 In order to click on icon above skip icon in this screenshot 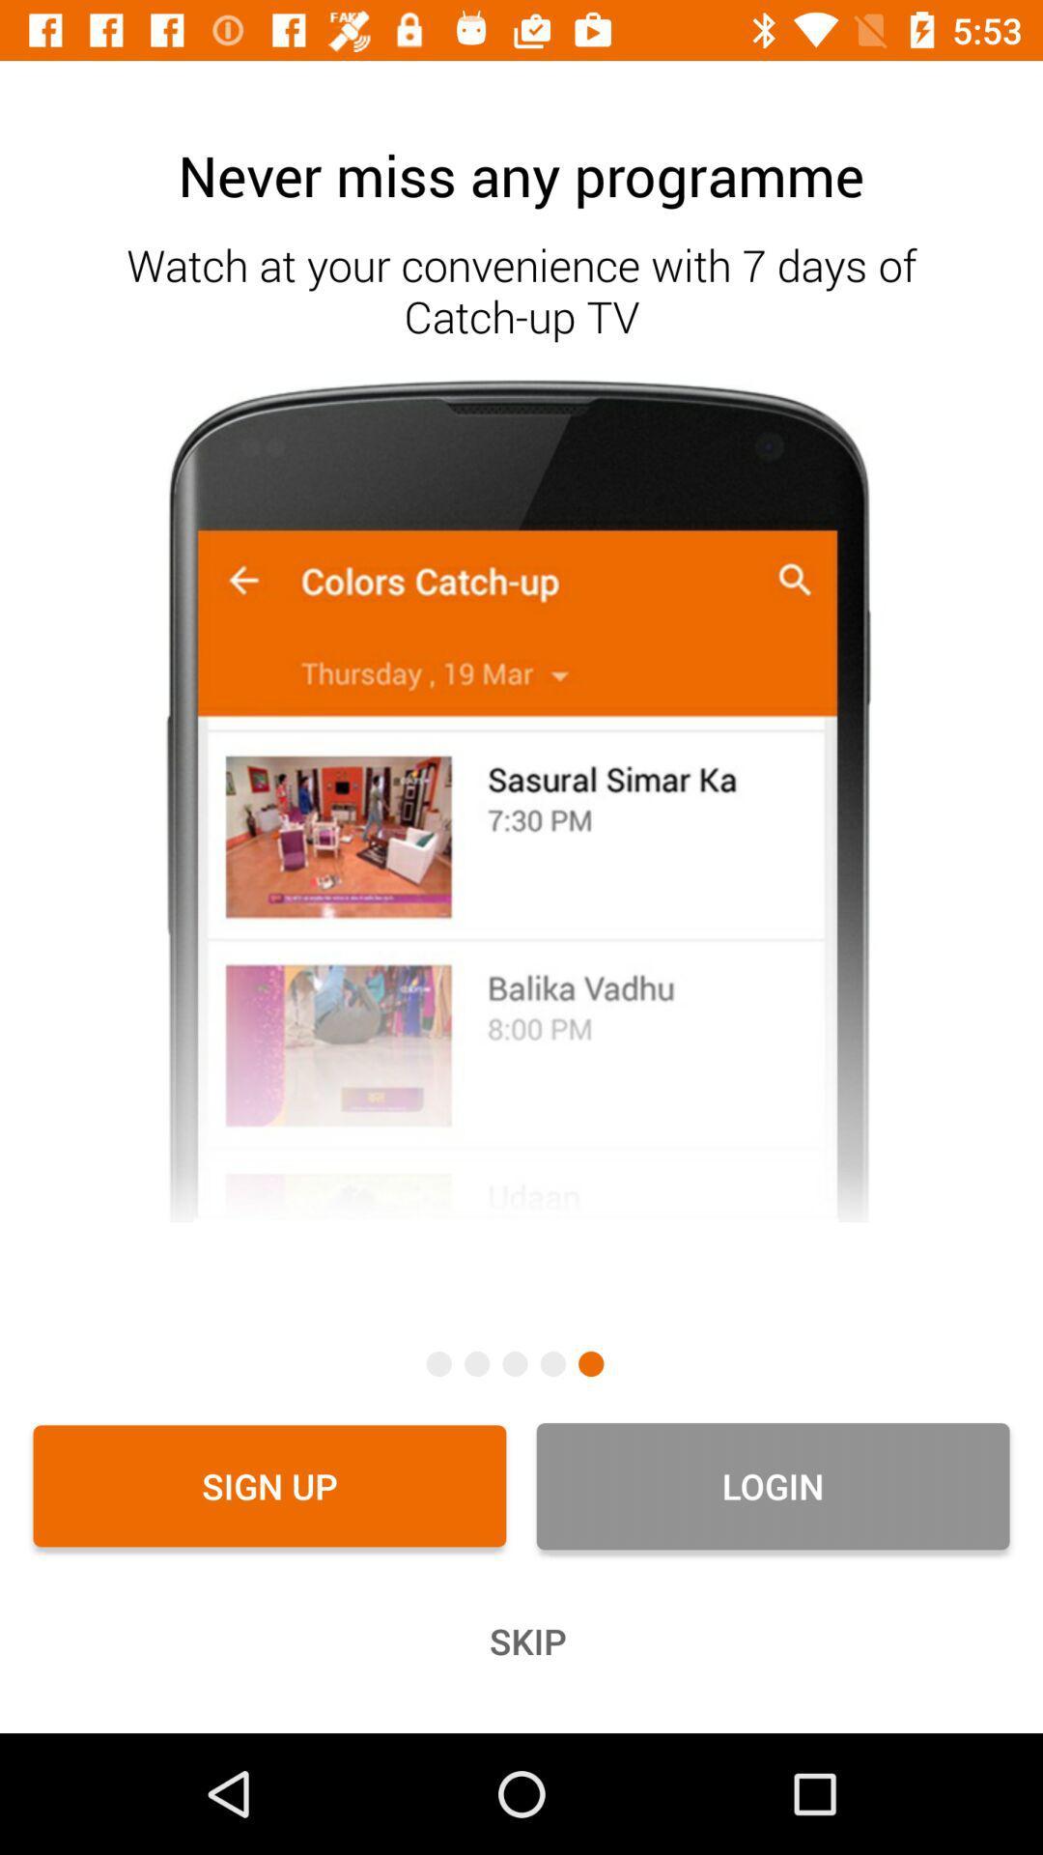, I will do `click(772, 1485)`.